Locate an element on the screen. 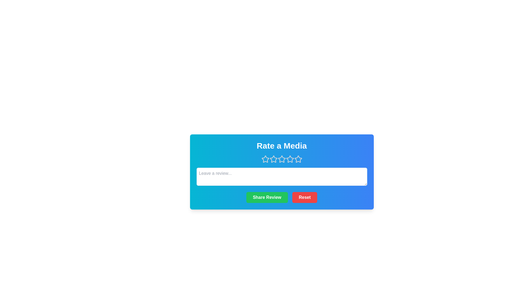 This screenshot has width=525, height=295. the rating to 5 stars by clicking on the respective star is located at coordinates (298, 159).